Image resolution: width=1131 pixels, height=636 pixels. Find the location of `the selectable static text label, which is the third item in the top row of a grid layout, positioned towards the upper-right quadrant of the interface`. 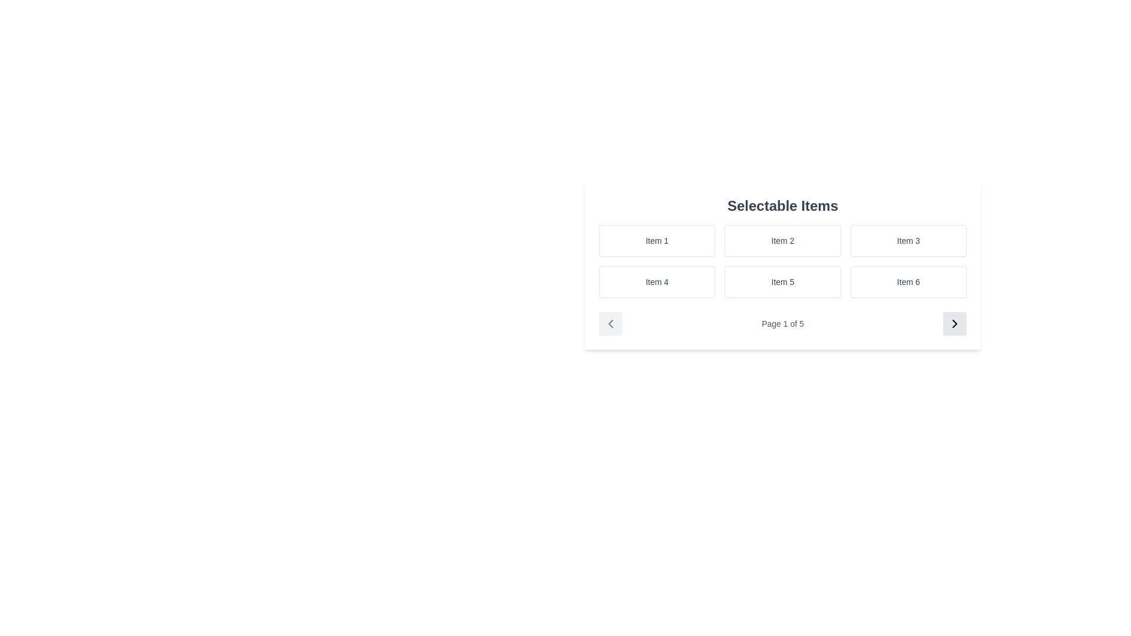

the selectable static text label, which is the third item in the top row of a grid layout, positioned towards the upper-right quadrant of the interface is located at coordinates (908, 240).